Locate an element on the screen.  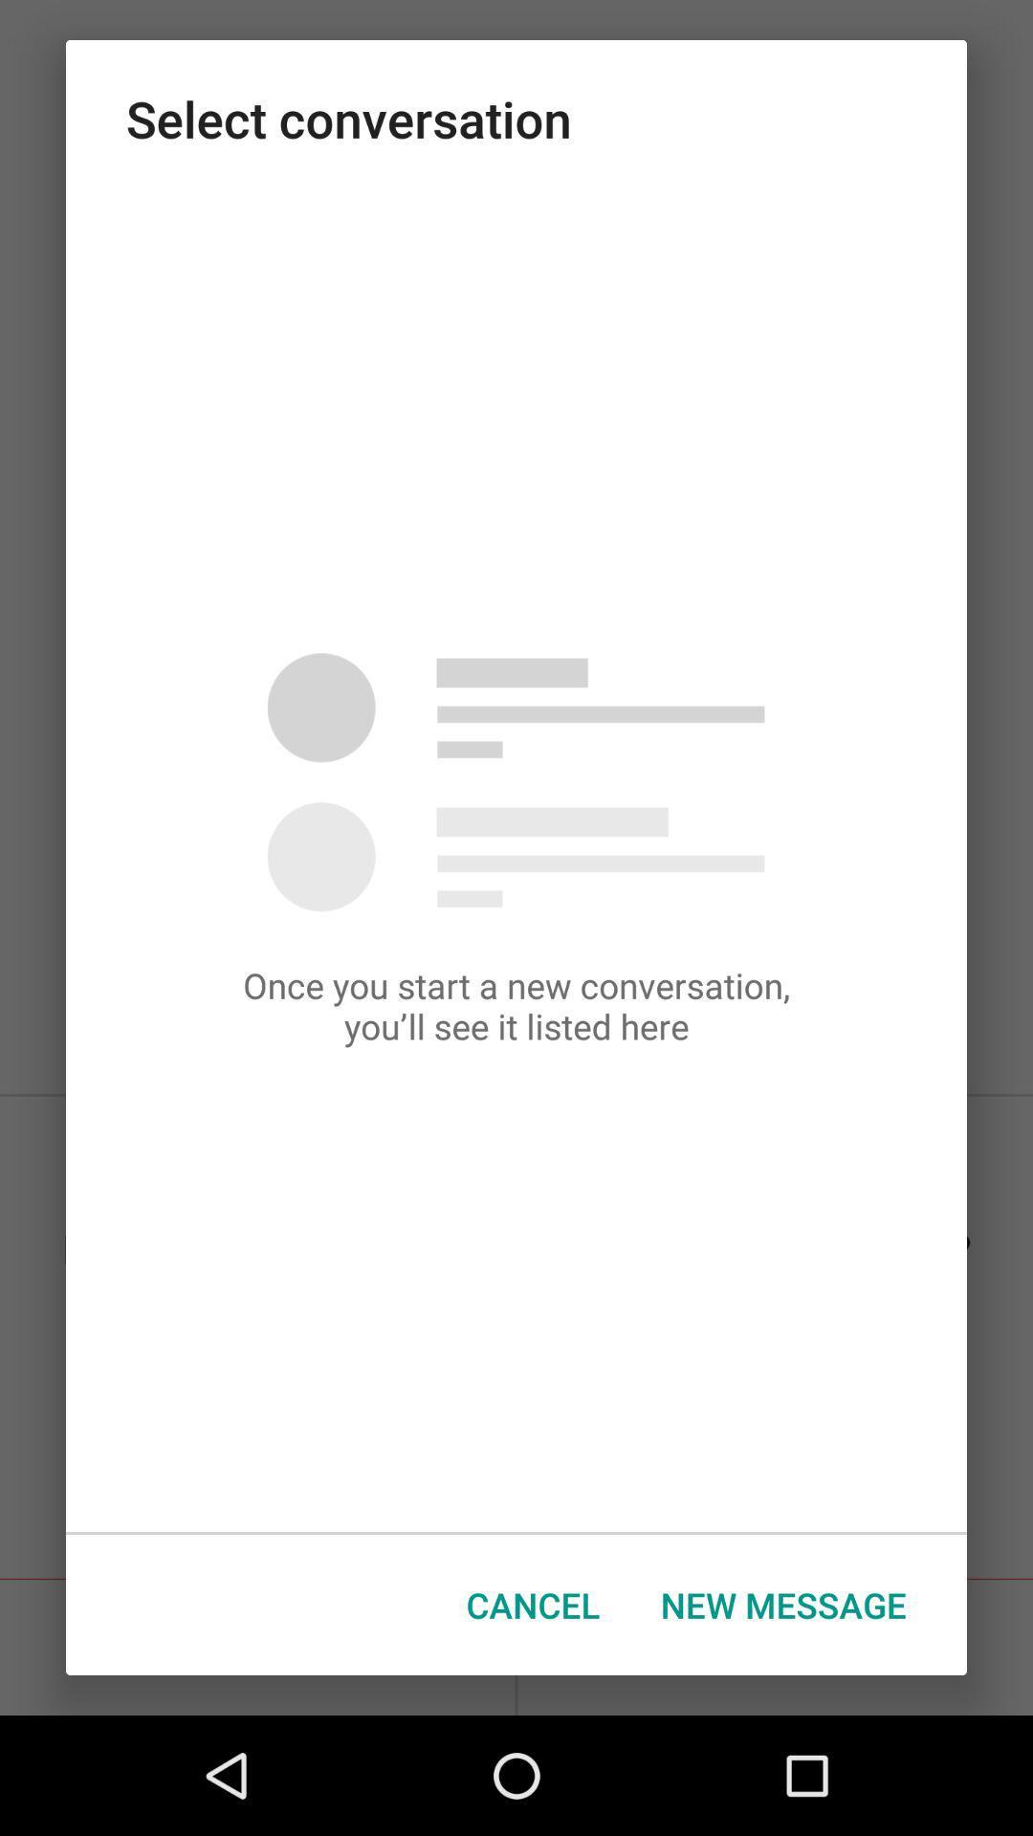
the new message item is located at coordinates (783, 1605).